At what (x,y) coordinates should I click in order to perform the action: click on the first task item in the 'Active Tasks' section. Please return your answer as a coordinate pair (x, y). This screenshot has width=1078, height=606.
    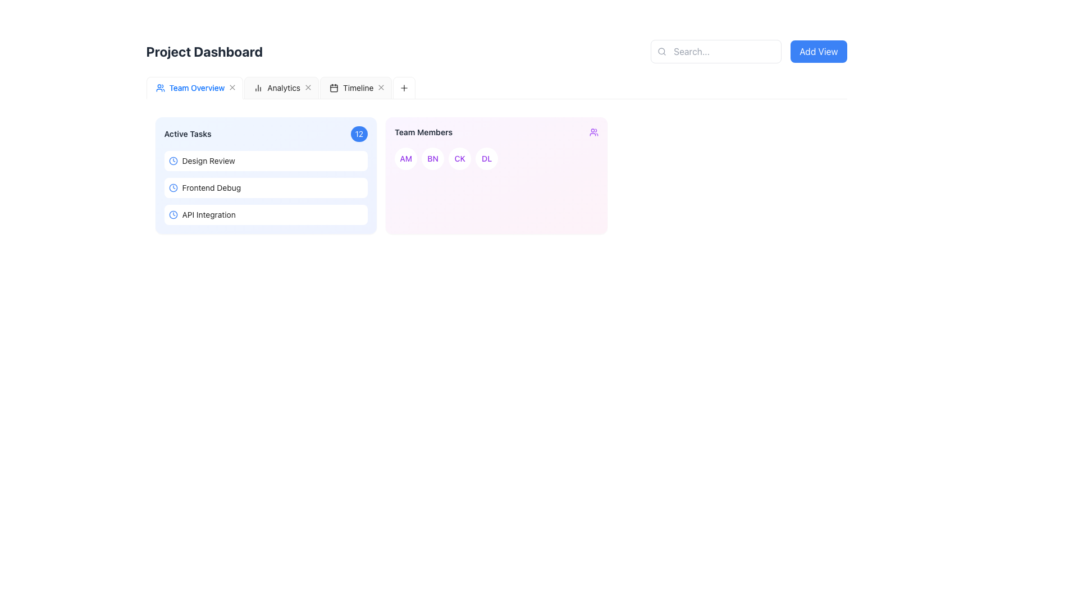
    Looking at the image, I should click on (265, 160).